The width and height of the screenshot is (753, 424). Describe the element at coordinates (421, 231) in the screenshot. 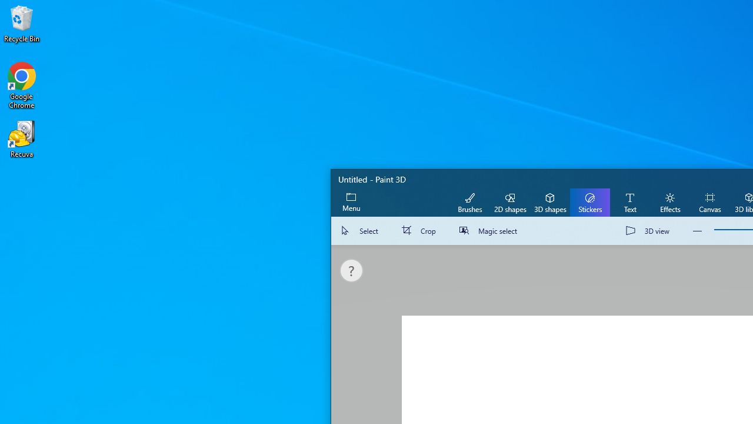

I see `'Crop'` at that location.